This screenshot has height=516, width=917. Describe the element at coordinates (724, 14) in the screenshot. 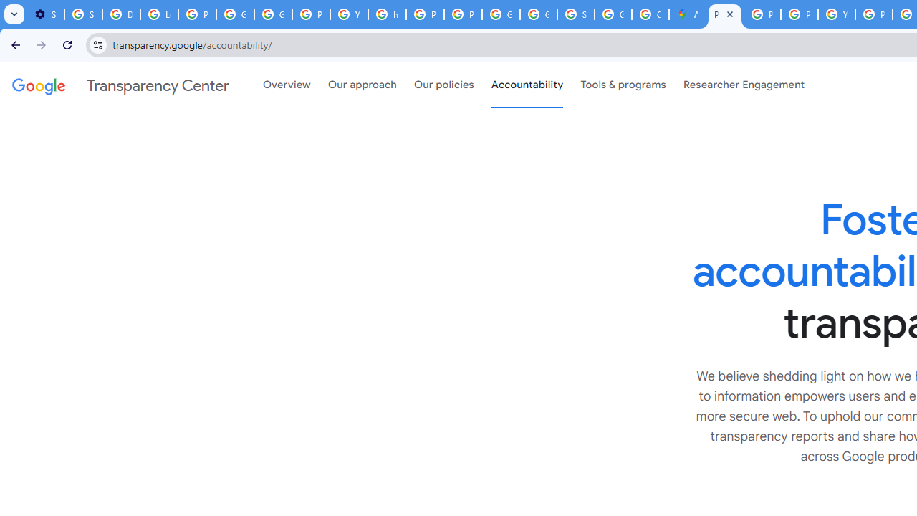

I see `'Policy Accountability and Transparency - Transparency Center'` at that location.